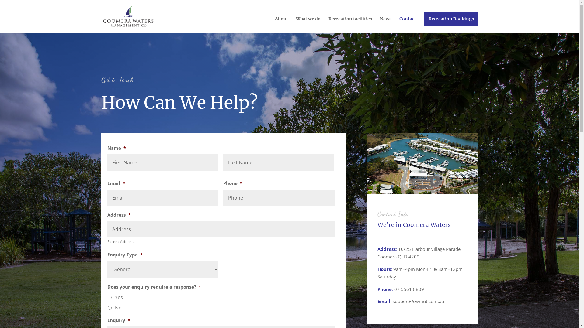 This screenshot has height=328, width=584. Describe the element at coordinates (350, 24) in the screenshot. I see `'Recreation facilities'` at that location.